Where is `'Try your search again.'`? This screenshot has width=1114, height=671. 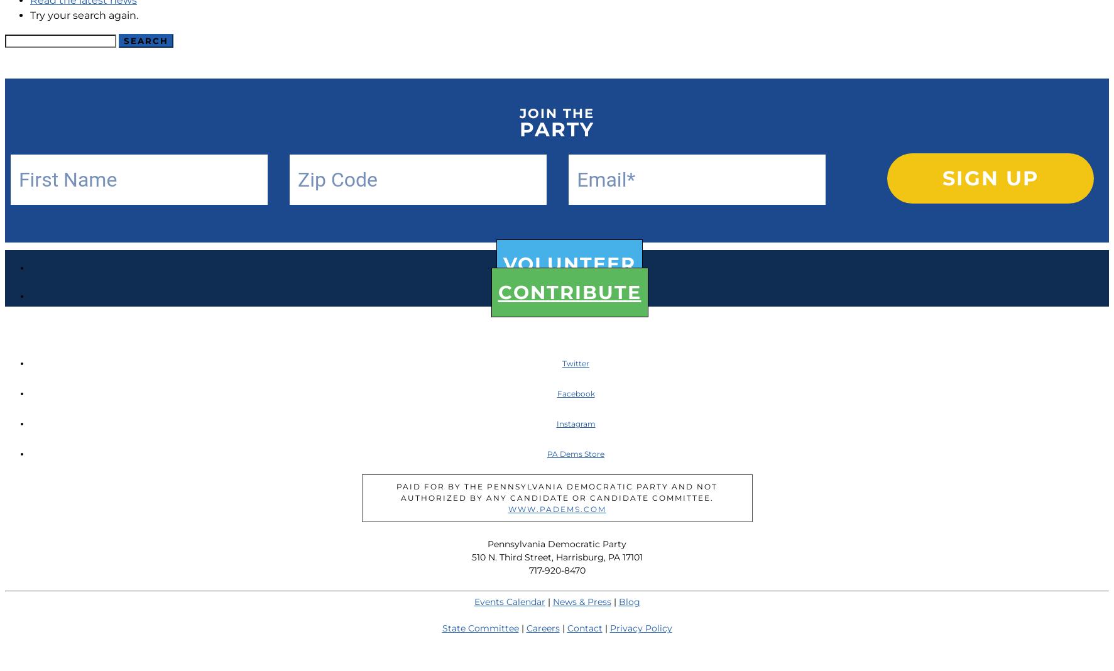
'Try your search again.' is located at coordinates (84, 14).